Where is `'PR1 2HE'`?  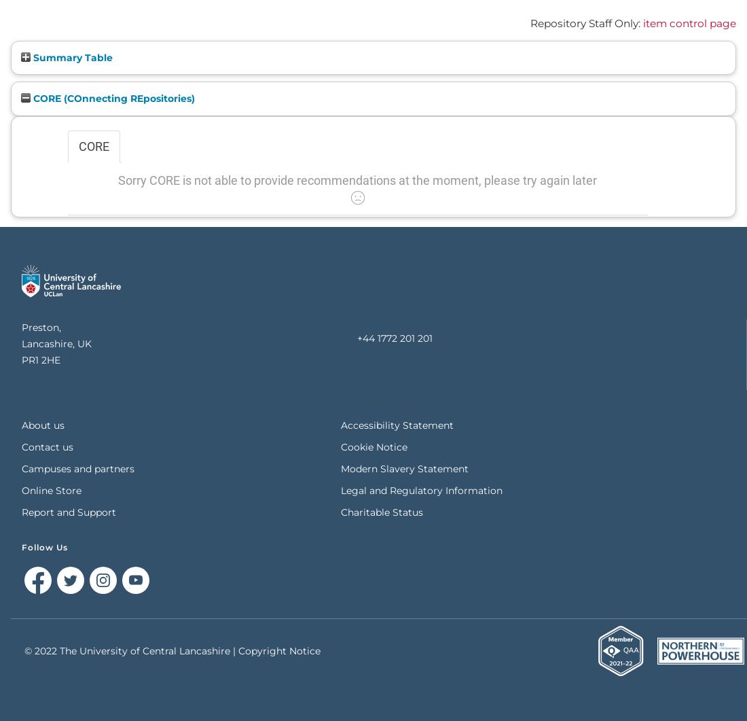
'PR1 2HE' is located at coordinates (40, 359).